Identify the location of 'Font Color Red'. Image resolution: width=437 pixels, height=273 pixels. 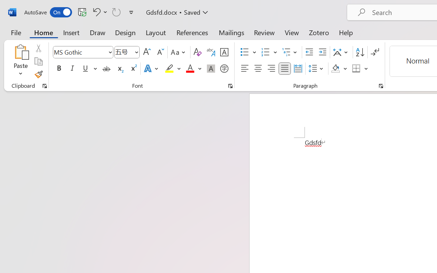
(190, 69).